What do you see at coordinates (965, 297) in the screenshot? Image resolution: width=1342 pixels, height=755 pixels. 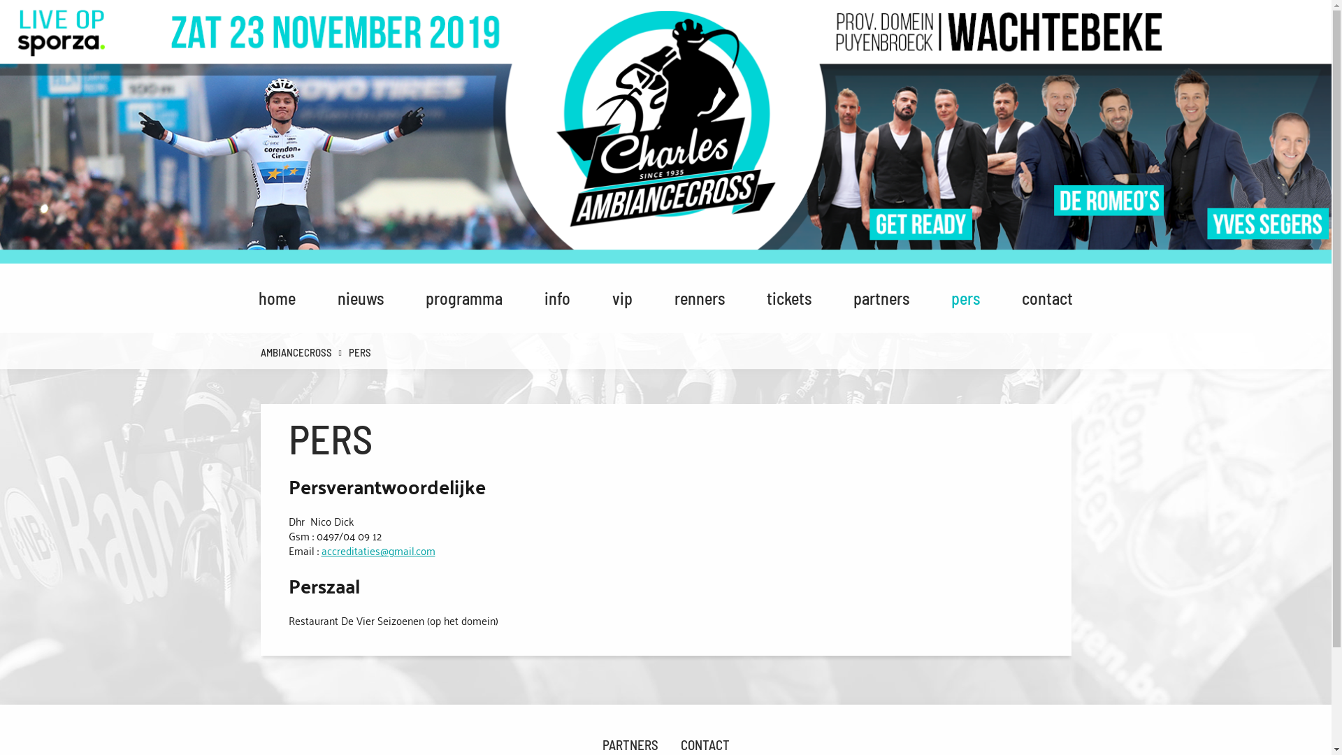 I see `'pers'` at bounding box center [965, 297].